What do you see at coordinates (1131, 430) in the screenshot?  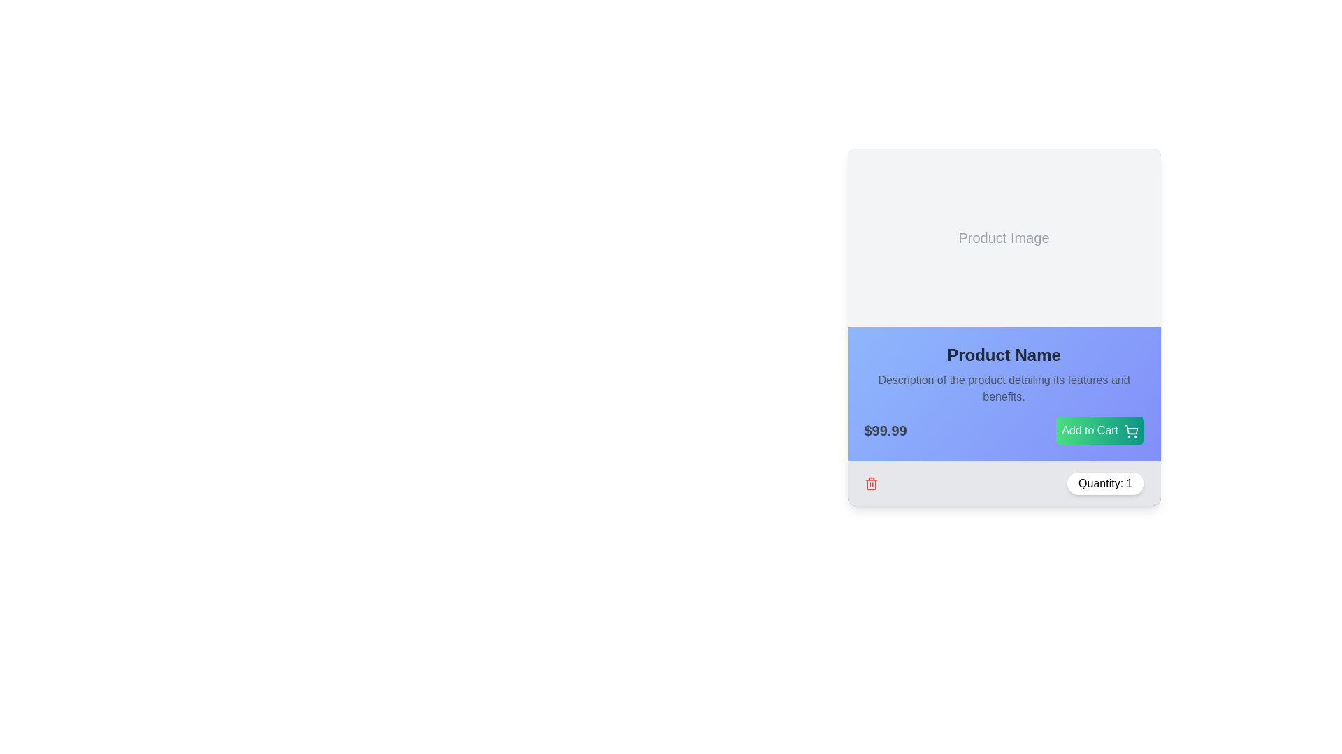 I see `the shopping cart icon integrated into the 'Add to Cart' button to initiate the add-to-cart action for the product` at bounding box center [1131, 430].